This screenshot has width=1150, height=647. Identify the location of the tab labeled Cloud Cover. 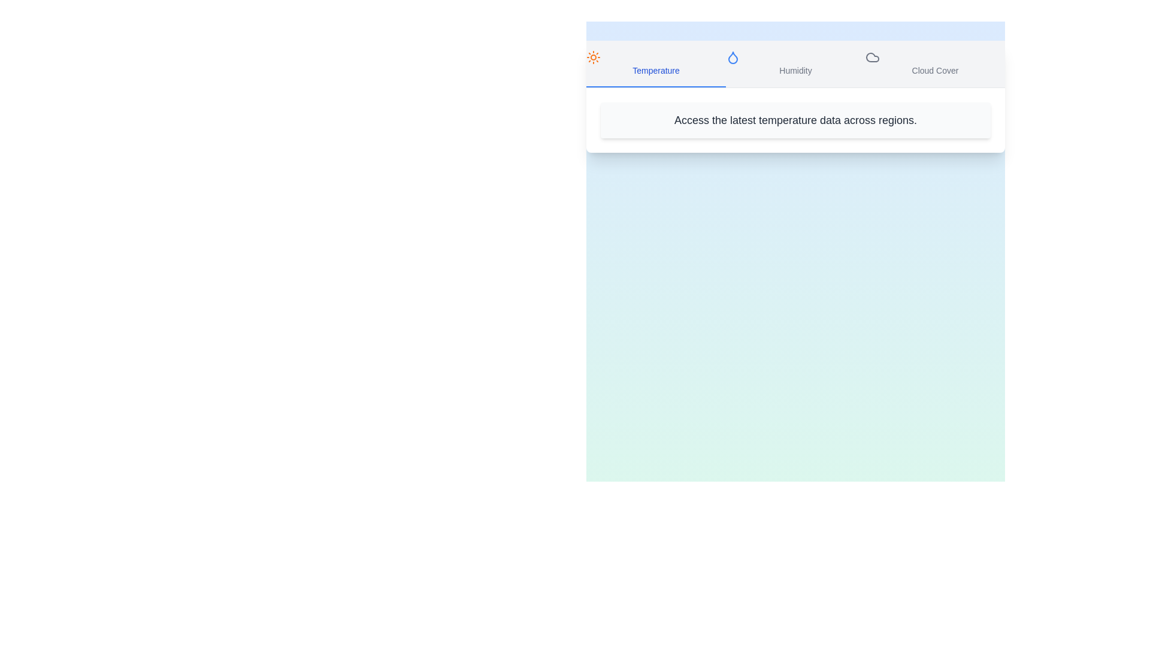
(934, 64).